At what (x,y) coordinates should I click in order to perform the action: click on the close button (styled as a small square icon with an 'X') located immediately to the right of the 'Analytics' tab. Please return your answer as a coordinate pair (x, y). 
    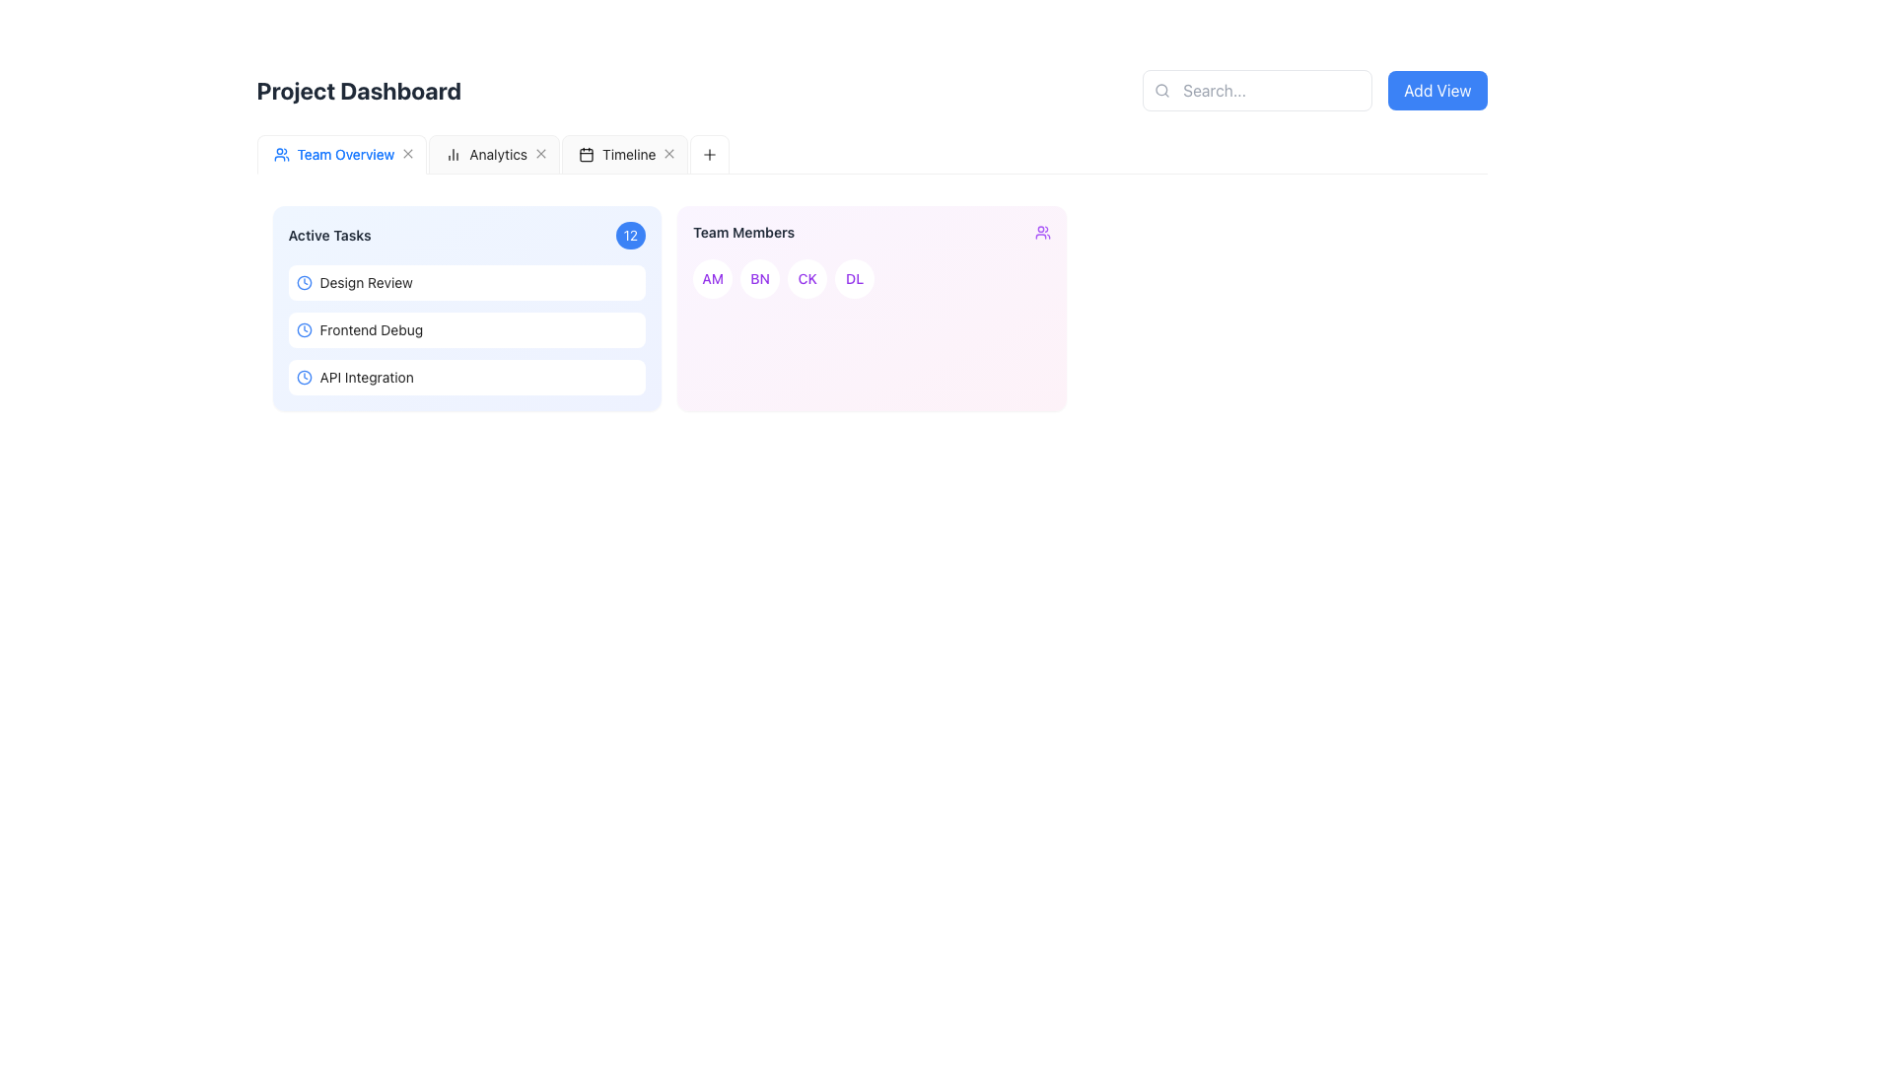
    Looking at the image, I should click on (541, 154).